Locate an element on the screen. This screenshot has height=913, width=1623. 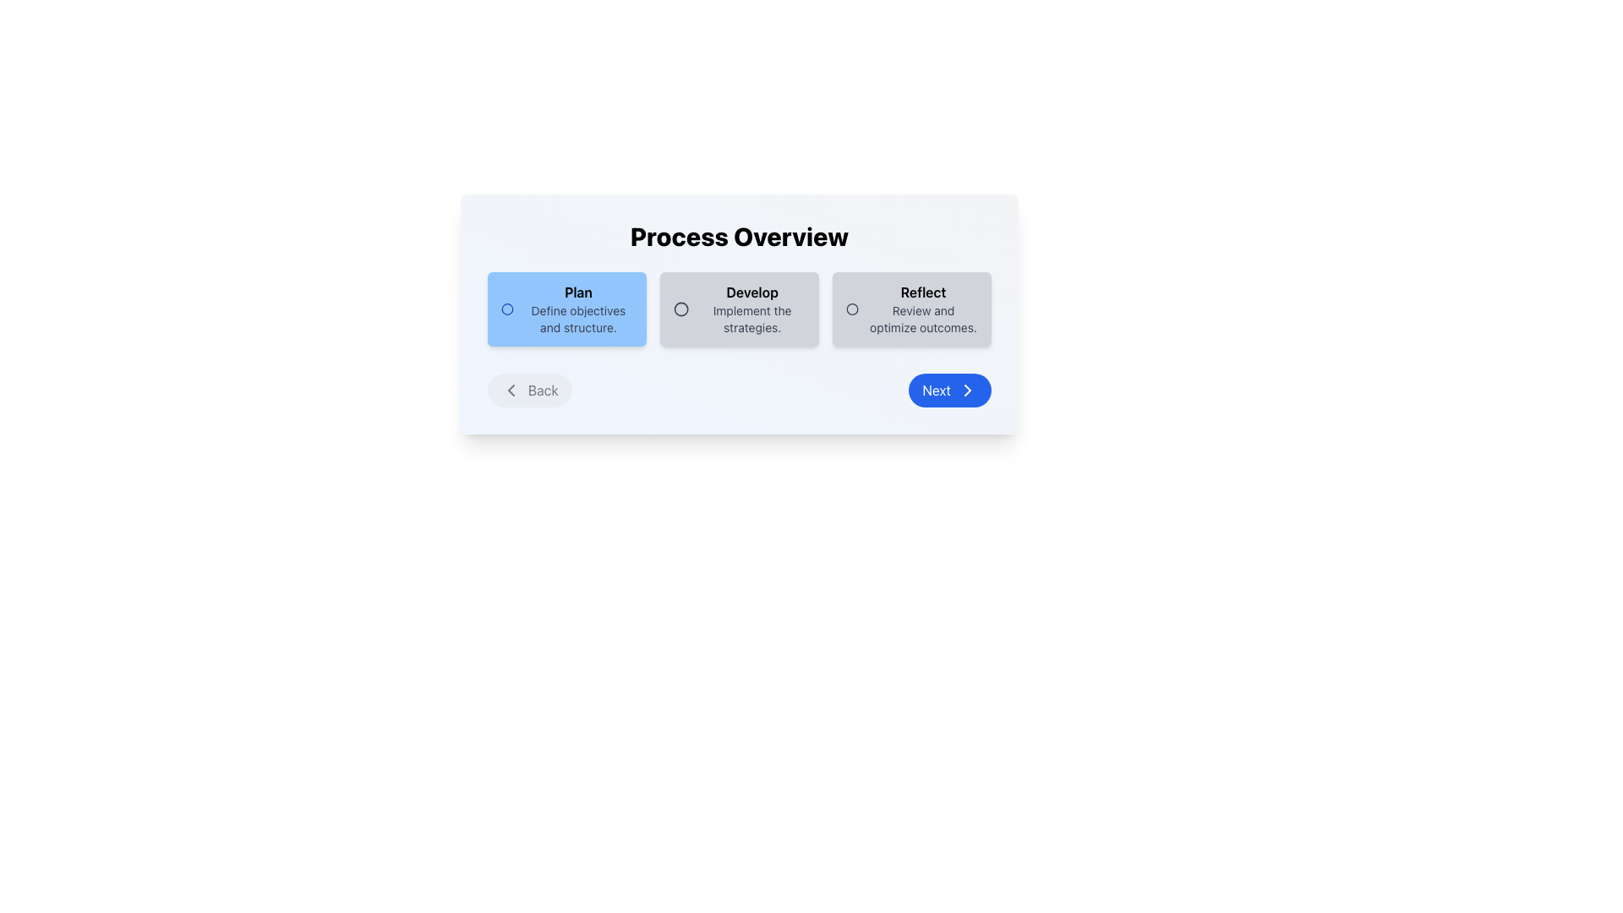
the 'Next' button, which has a blue background, white text, and an arrow icon, using keyboard navigation is located at coordinates (950, 391).